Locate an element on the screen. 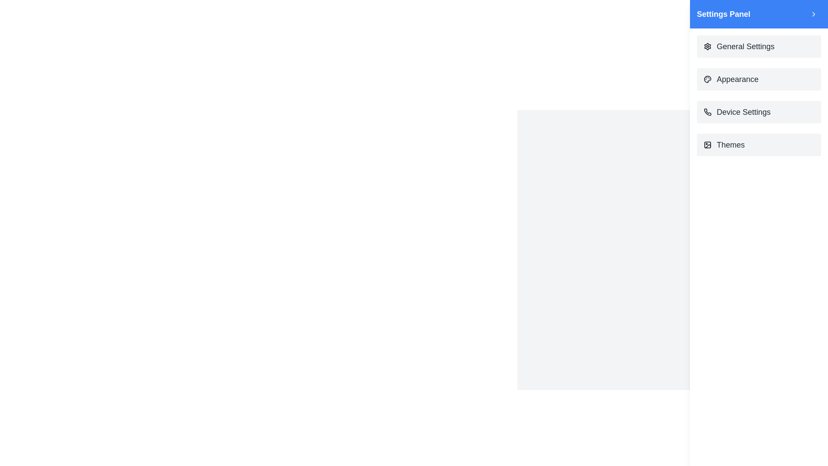 The width and height of the screenshot is (828, 466). the 'Settings Panel' text label, which is displayed in bold white font on a blue rectangular background in the top-left region of the navigation bar, to trigger any tooltip or highlighting effects is located at coordinates (724, 14).